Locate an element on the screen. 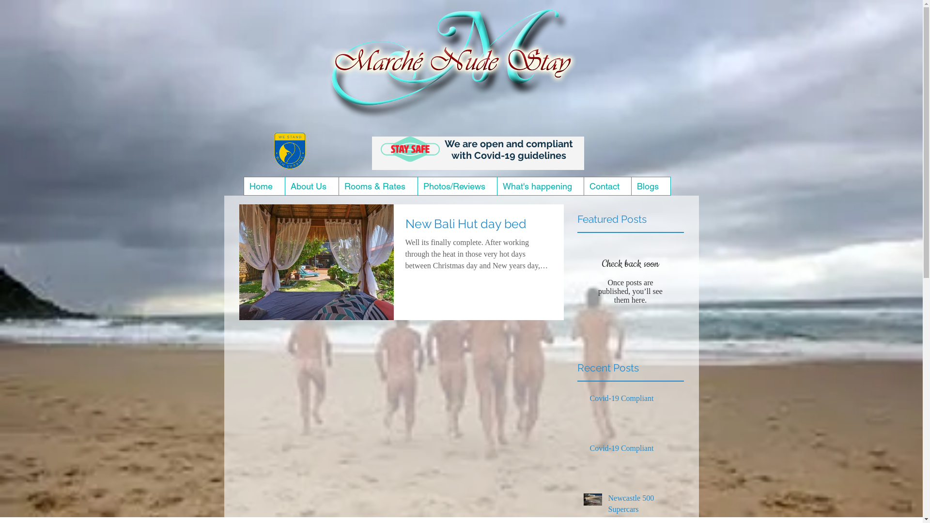  'What's happening' is located at coordinates (540, 186).